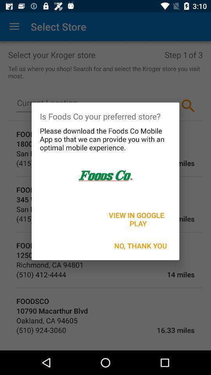  Describe the element at coordinates (137, 219) in the screenshot. I see `the icon above no, thank you icon` at that location.